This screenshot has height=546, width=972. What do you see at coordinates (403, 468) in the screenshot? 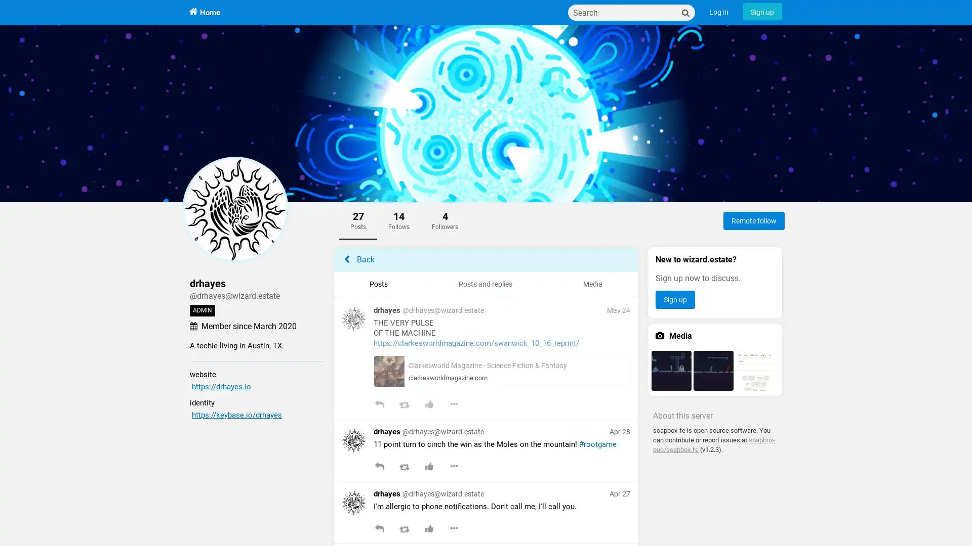
I see `Repost` at bounding box center [403, 468].